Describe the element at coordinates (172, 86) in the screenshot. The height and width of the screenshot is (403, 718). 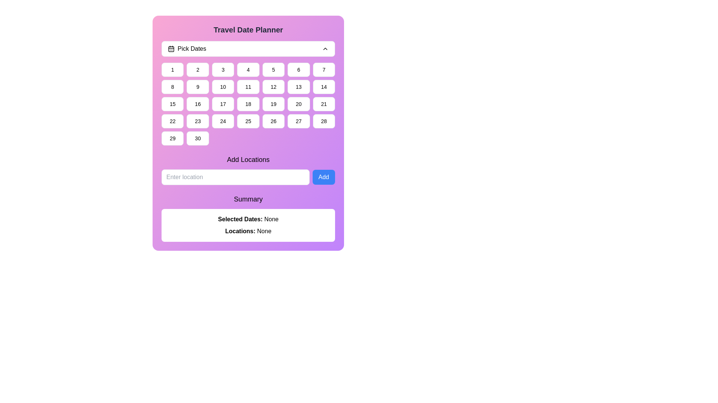
I see `the rectangular button displaying the number '8' in the center, which is part of a grid layout in the 'Pick Dates' section` at that location.